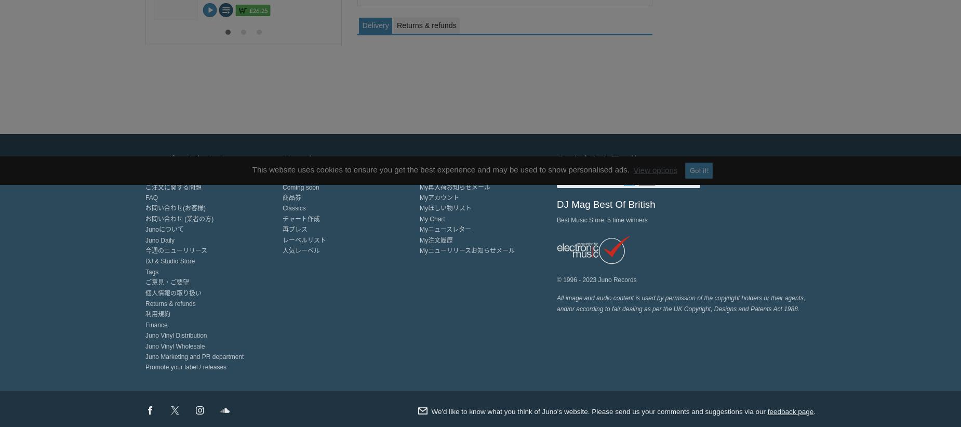 This screenshot has height=427, width=961. Describe the element at coordinates (602, 219) in the screenshot. I see `'Best Music Store: 5 time winners'` at that location.